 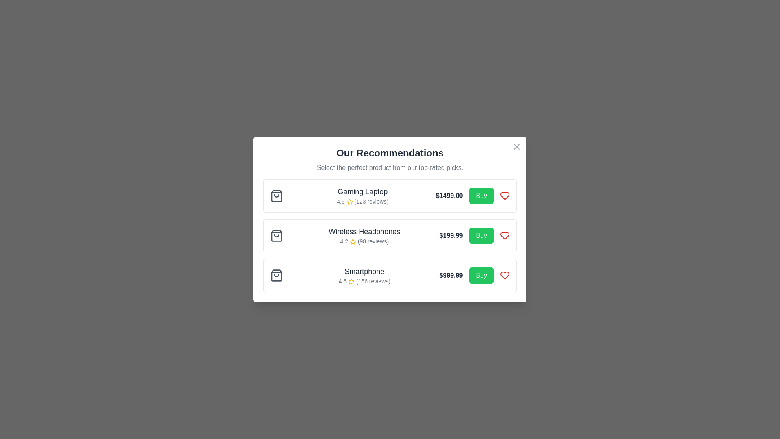 I want to click on the 'Buy' button with a green background and white text located on the right side of the 'Smartphone' product listing to initiate a purchase, so click(x=481, y=275).